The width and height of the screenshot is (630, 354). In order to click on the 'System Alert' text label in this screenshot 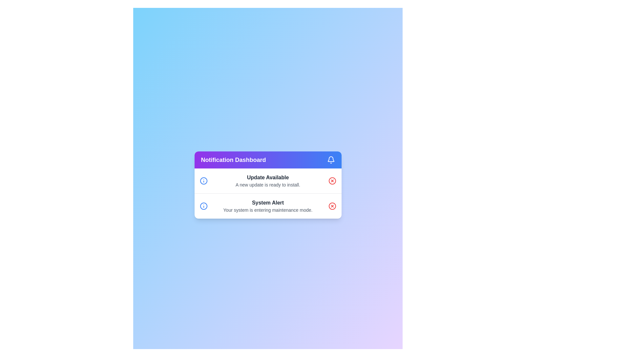, I will do `click(268, 202)`.